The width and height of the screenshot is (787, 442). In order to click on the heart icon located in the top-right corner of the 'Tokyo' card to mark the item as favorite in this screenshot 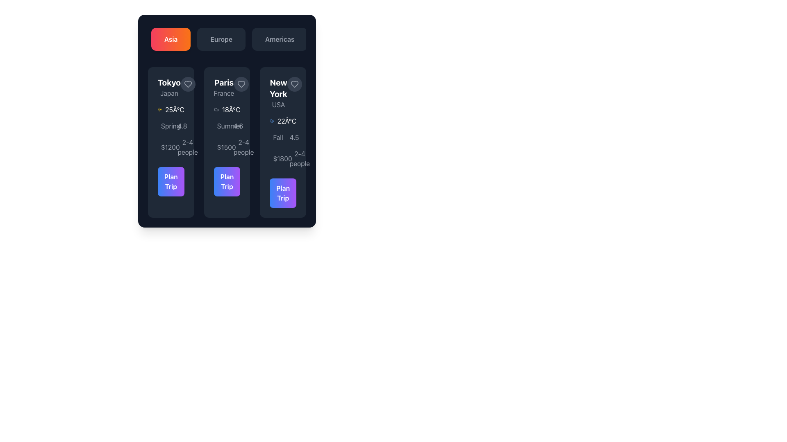, I will do `click(188, 84)`.